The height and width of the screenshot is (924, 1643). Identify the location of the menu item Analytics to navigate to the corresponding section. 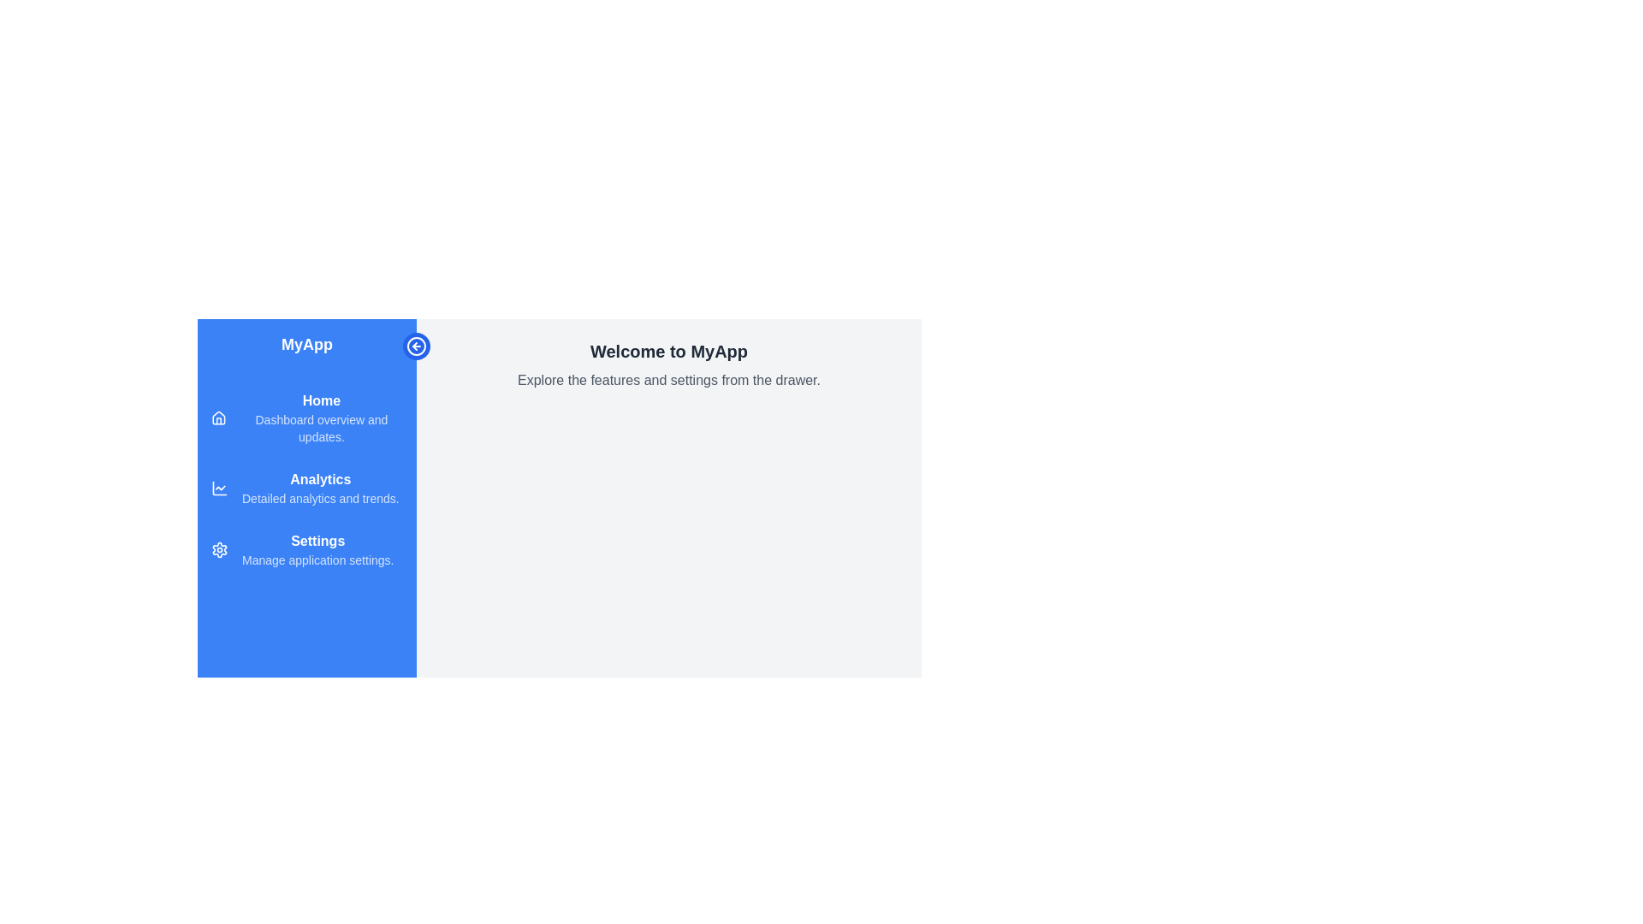
(307, 488).